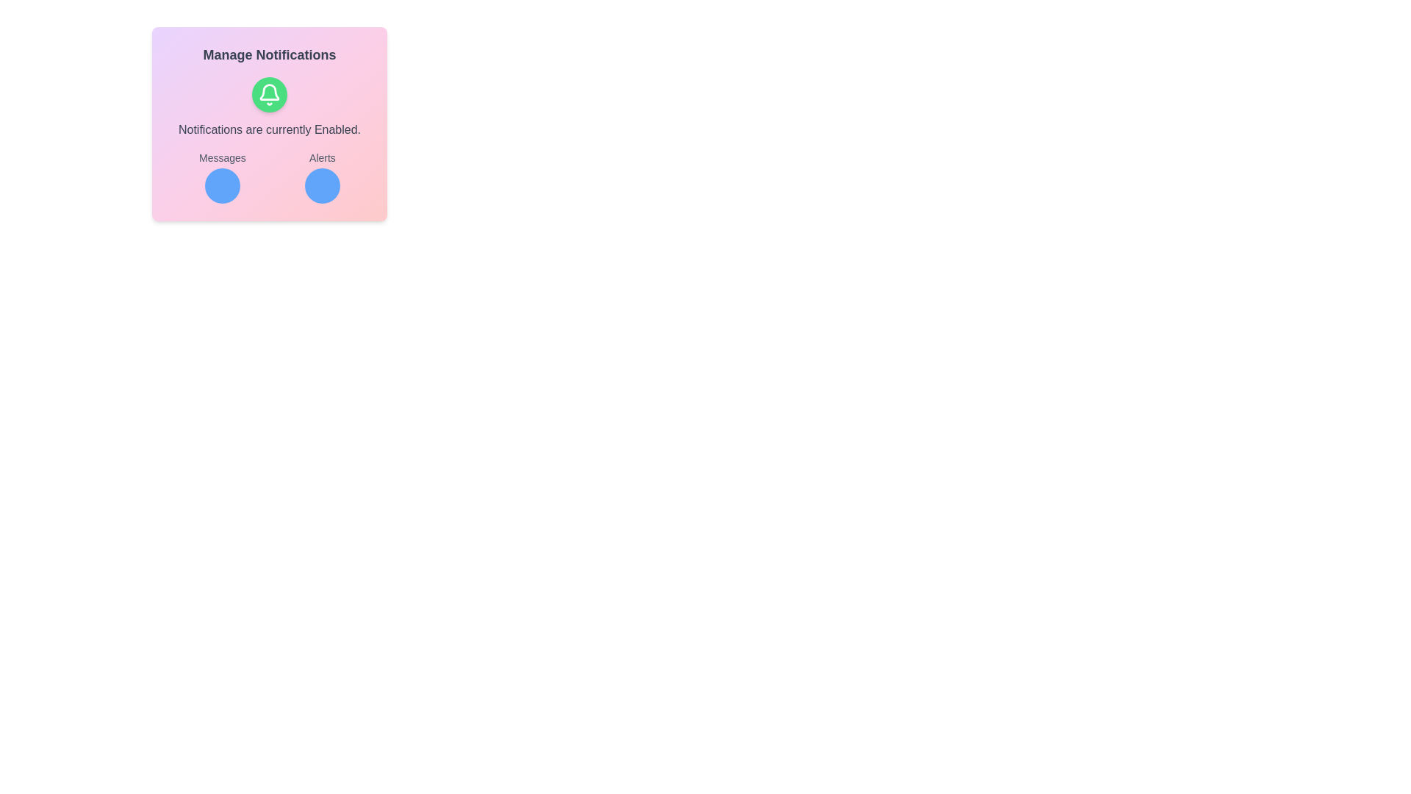  Describe the element at coordinates (269, 129) in the screenshot. I see `the static text displaying 'Notifications are currently Enabled.' which is located below the green notification bell icon` at that location.